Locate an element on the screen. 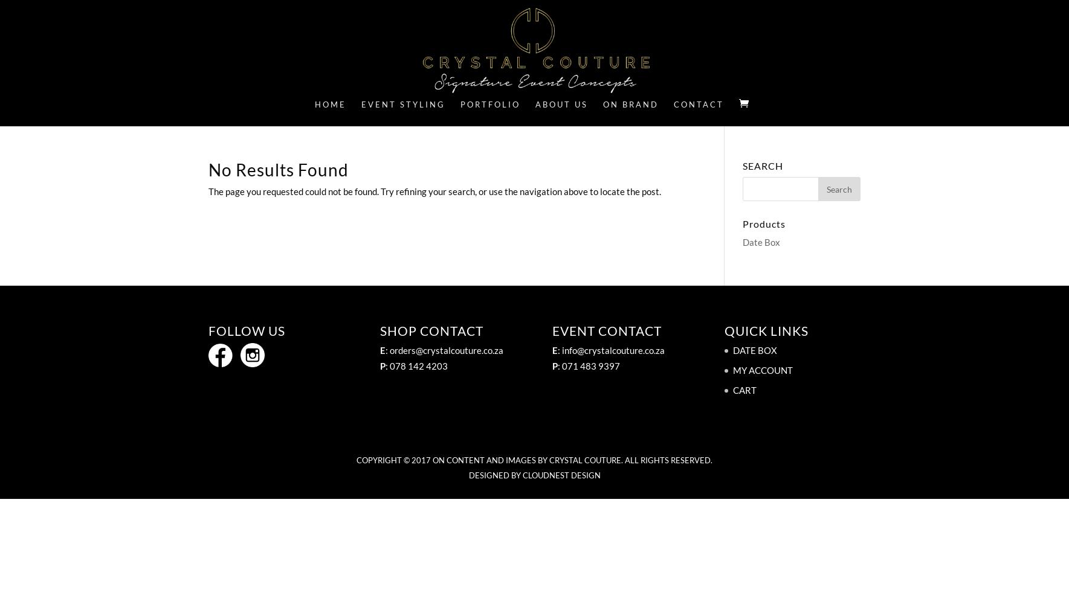 The width and height of the screenshot is (1069, 604). 'EVENT CONTACT' is located at coordinates (607, 330).